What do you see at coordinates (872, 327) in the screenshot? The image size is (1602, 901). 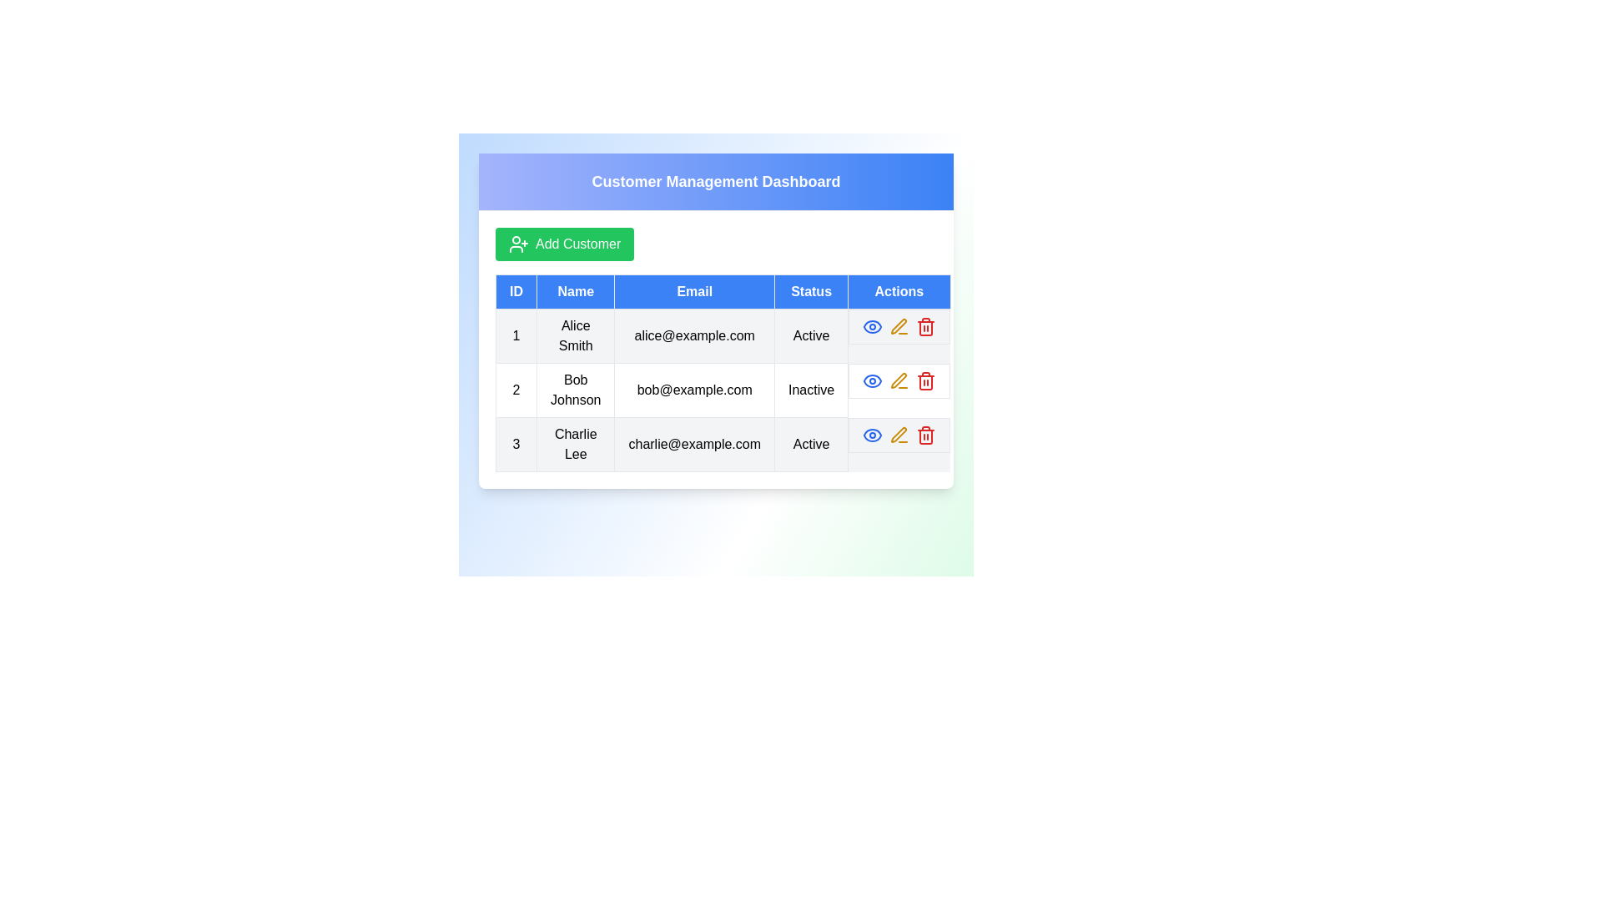 I see `the 'Eye' icon for the customer with ID 1` at bounding box center [872, 327].